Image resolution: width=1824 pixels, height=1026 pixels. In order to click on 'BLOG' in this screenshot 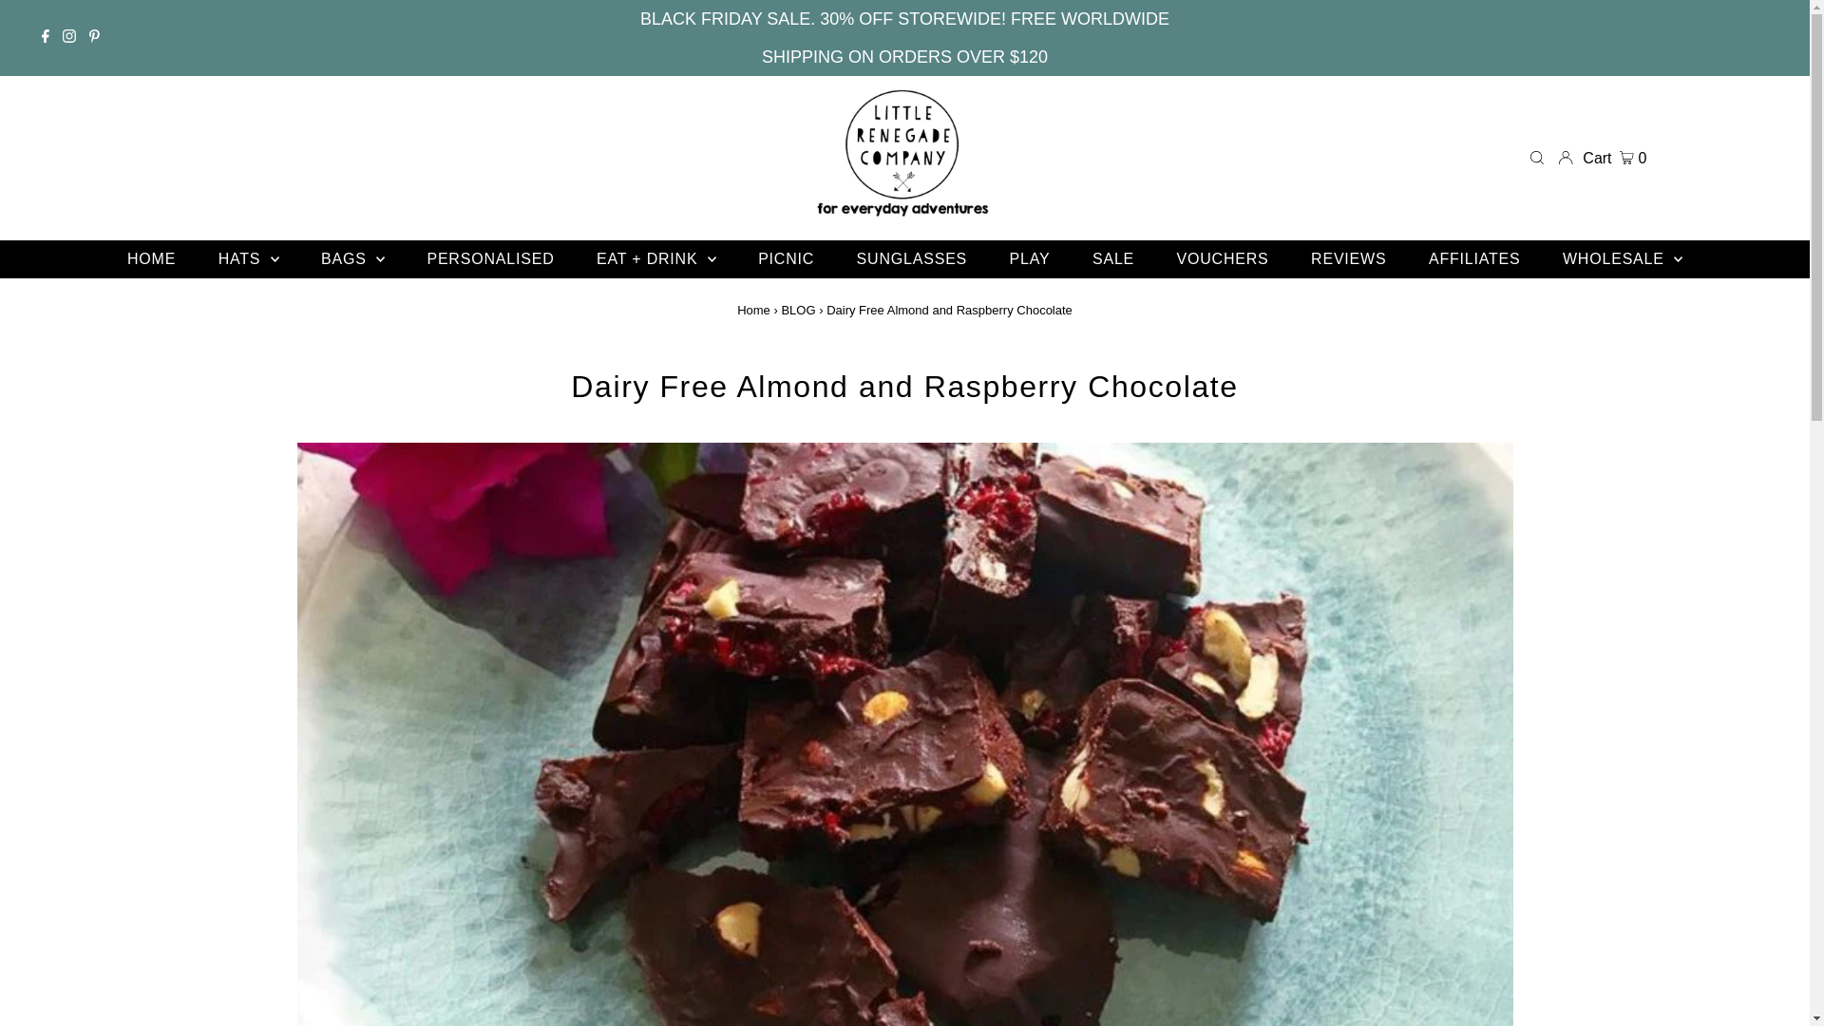, I will do `click(798, 309)`.